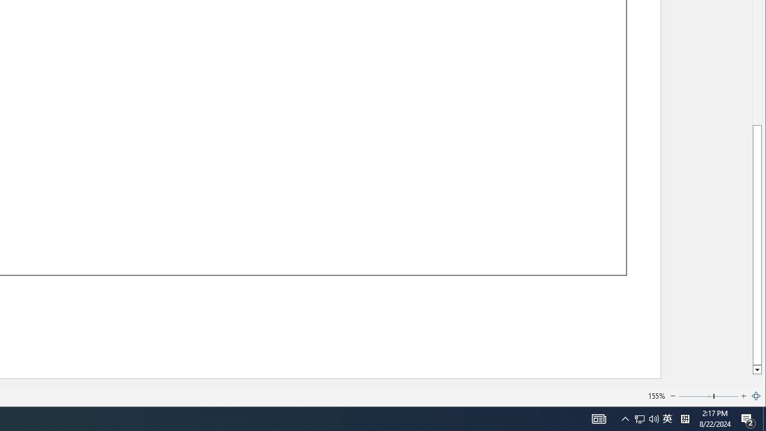  What do you see at coordinates (625, 418) in the screenshot?
I see `'Notification Chevron'` at bounding box center [625, 418].